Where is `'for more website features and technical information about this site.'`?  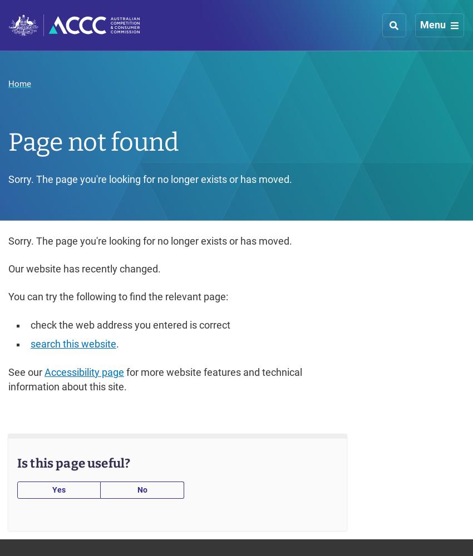
'for more website features and technical information about this site.' is located at coordinates (154, 379).